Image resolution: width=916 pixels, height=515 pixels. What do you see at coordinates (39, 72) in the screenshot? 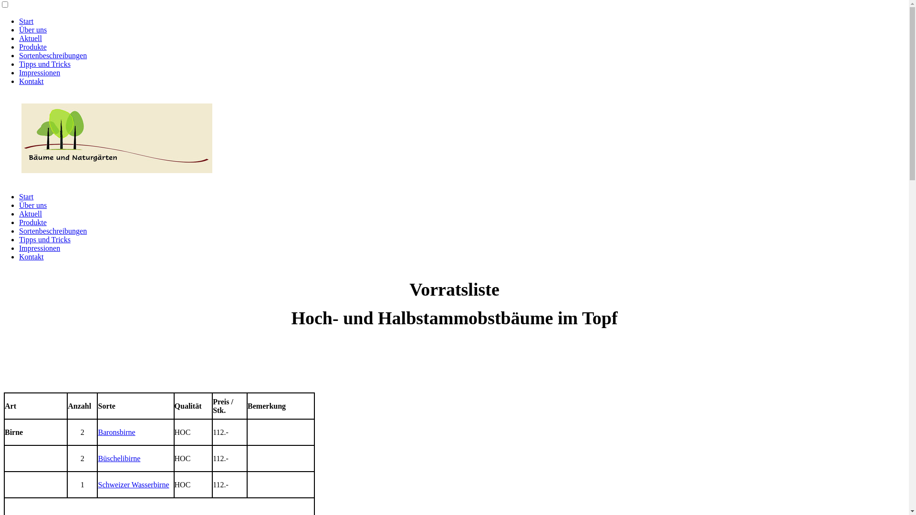
I see `'Impressionen'` at bounding box center [39, 72].